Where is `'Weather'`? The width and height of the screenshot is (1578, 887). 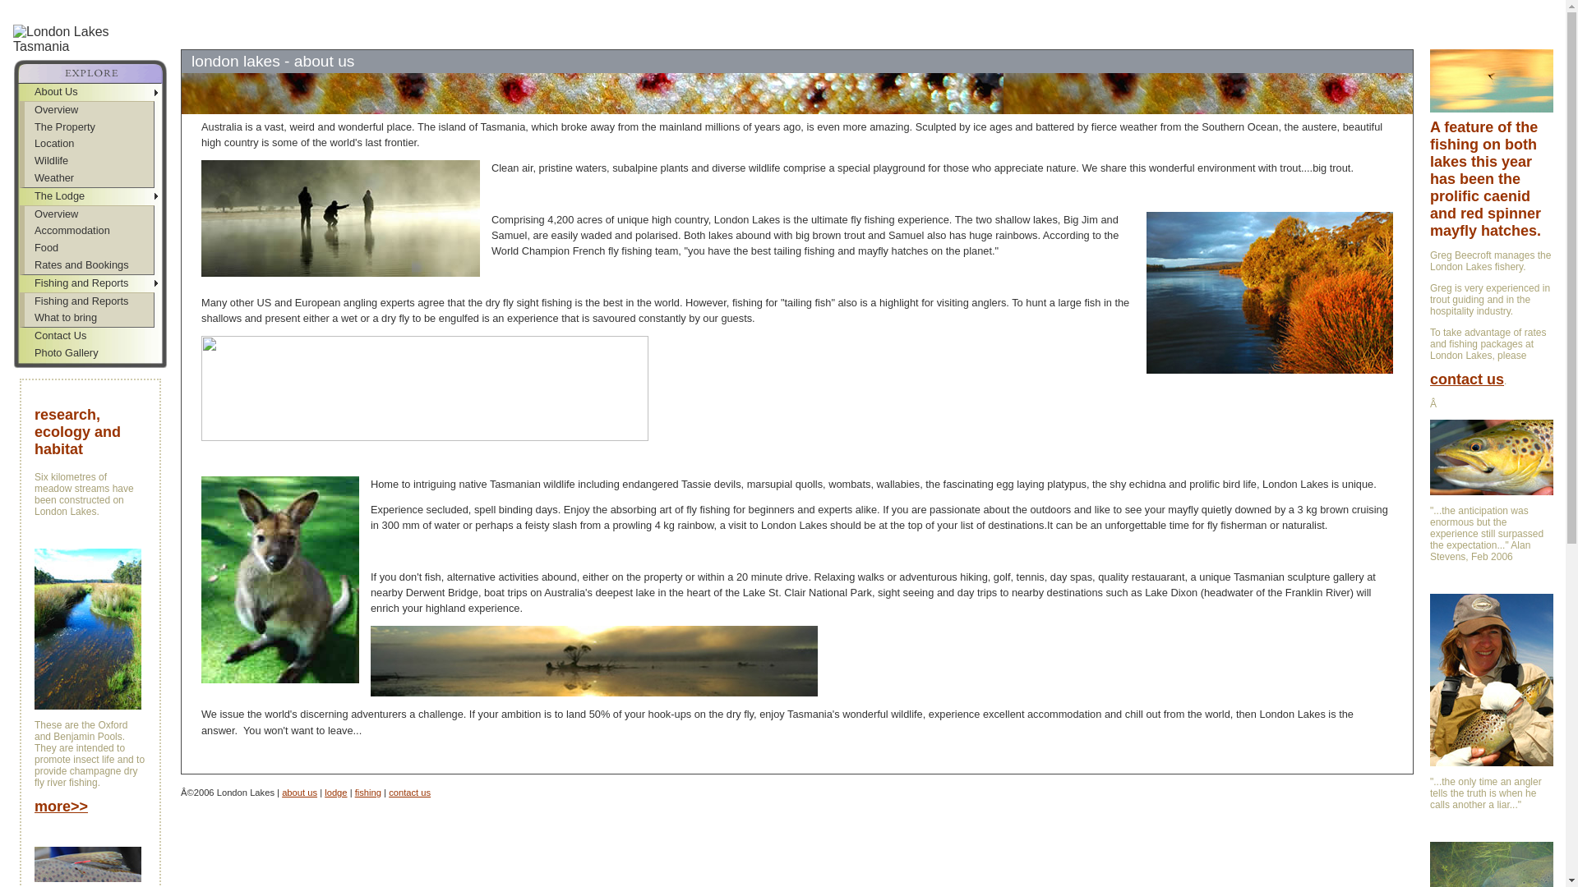
'Weather' is located at coordinates (88, 178).